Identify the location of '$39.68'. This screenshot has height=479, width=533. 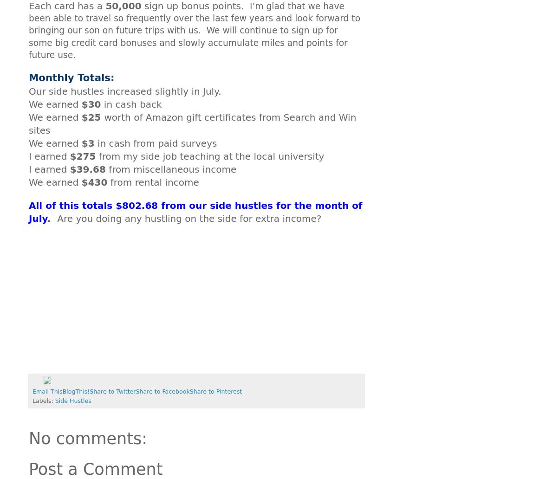
(70, 169).